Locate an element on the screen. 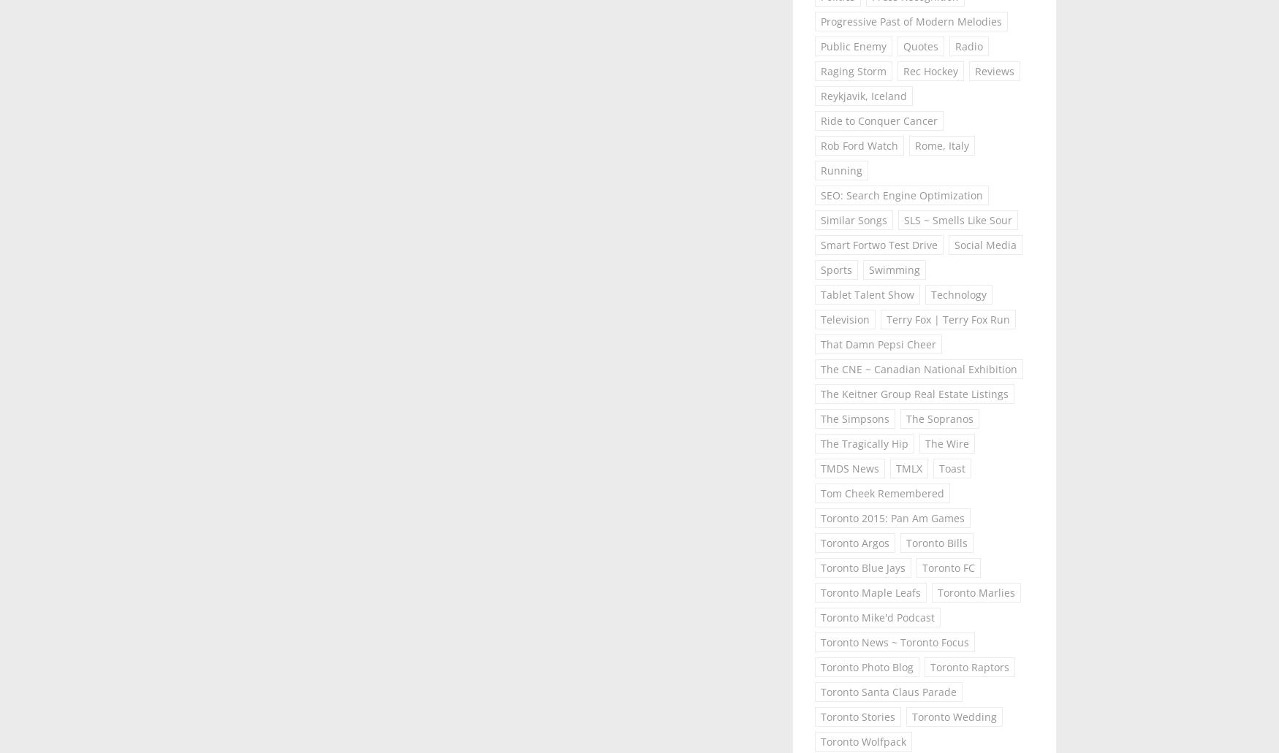 The image size is (1279, 753). 'The Sopranos' is located at coordinates (939, 417).